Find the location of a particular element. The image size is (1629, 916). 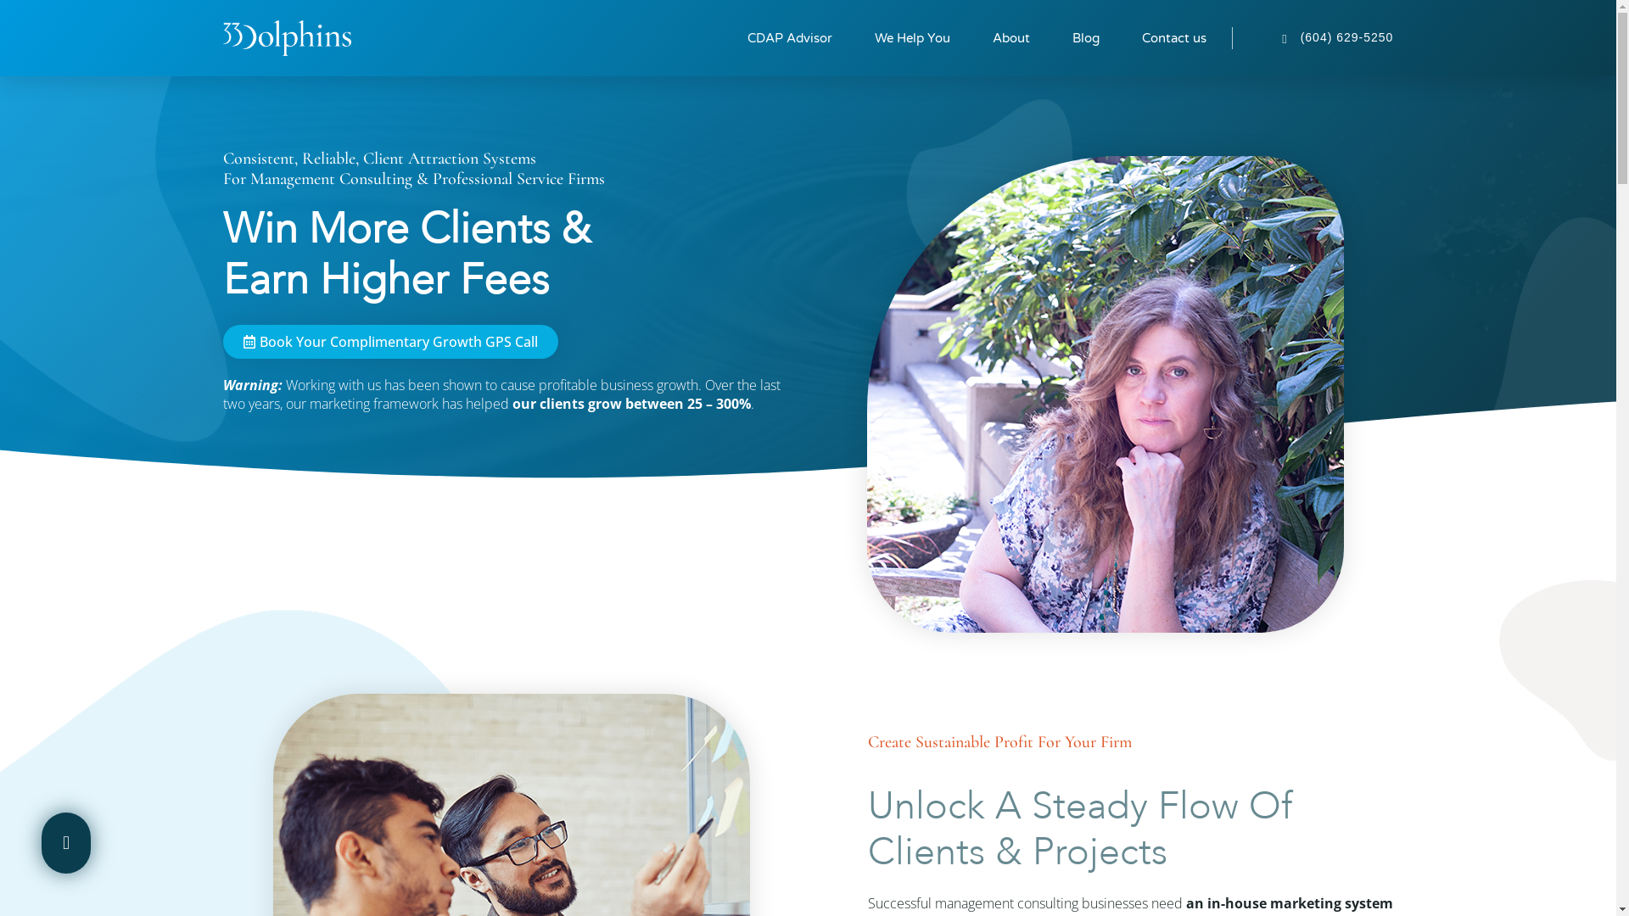

'About' is located at coordinates (1010, 38).